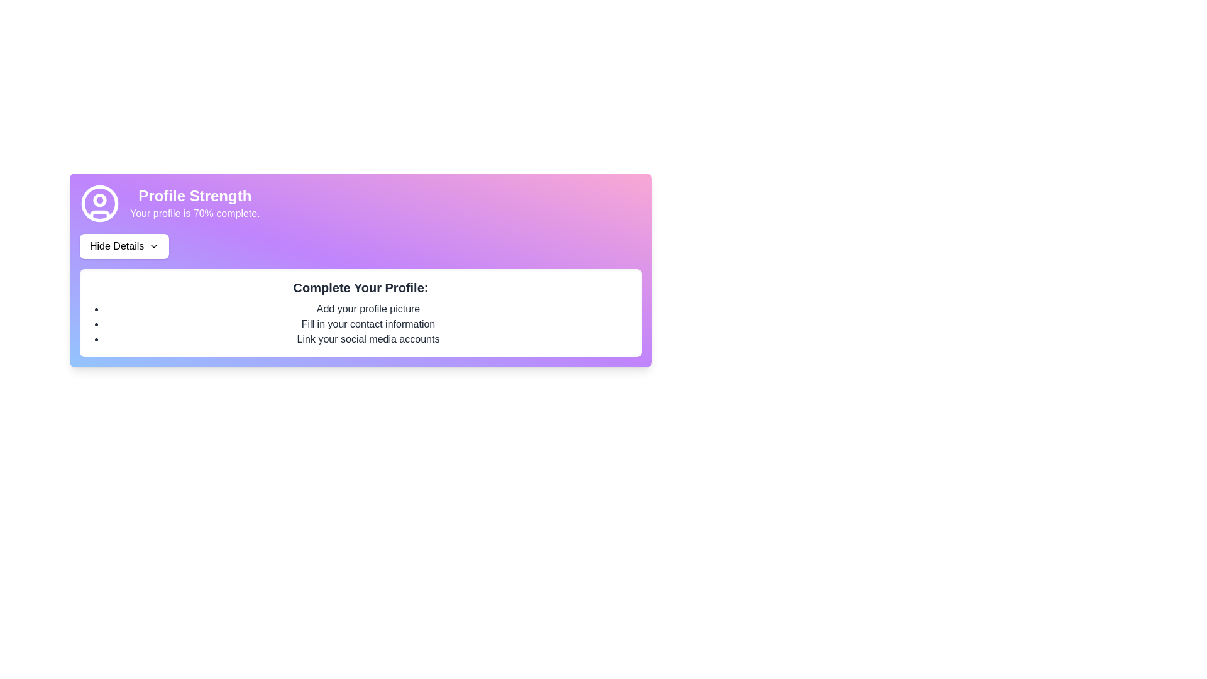  I want to click on the text label 'Add your profile picture', so click(367, 309).